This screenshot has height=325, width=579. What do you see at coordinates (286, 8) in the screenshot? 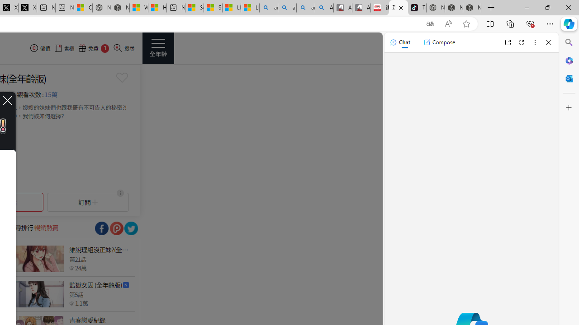
I see `'amazon - Search'` at bounding box center [286, 8].